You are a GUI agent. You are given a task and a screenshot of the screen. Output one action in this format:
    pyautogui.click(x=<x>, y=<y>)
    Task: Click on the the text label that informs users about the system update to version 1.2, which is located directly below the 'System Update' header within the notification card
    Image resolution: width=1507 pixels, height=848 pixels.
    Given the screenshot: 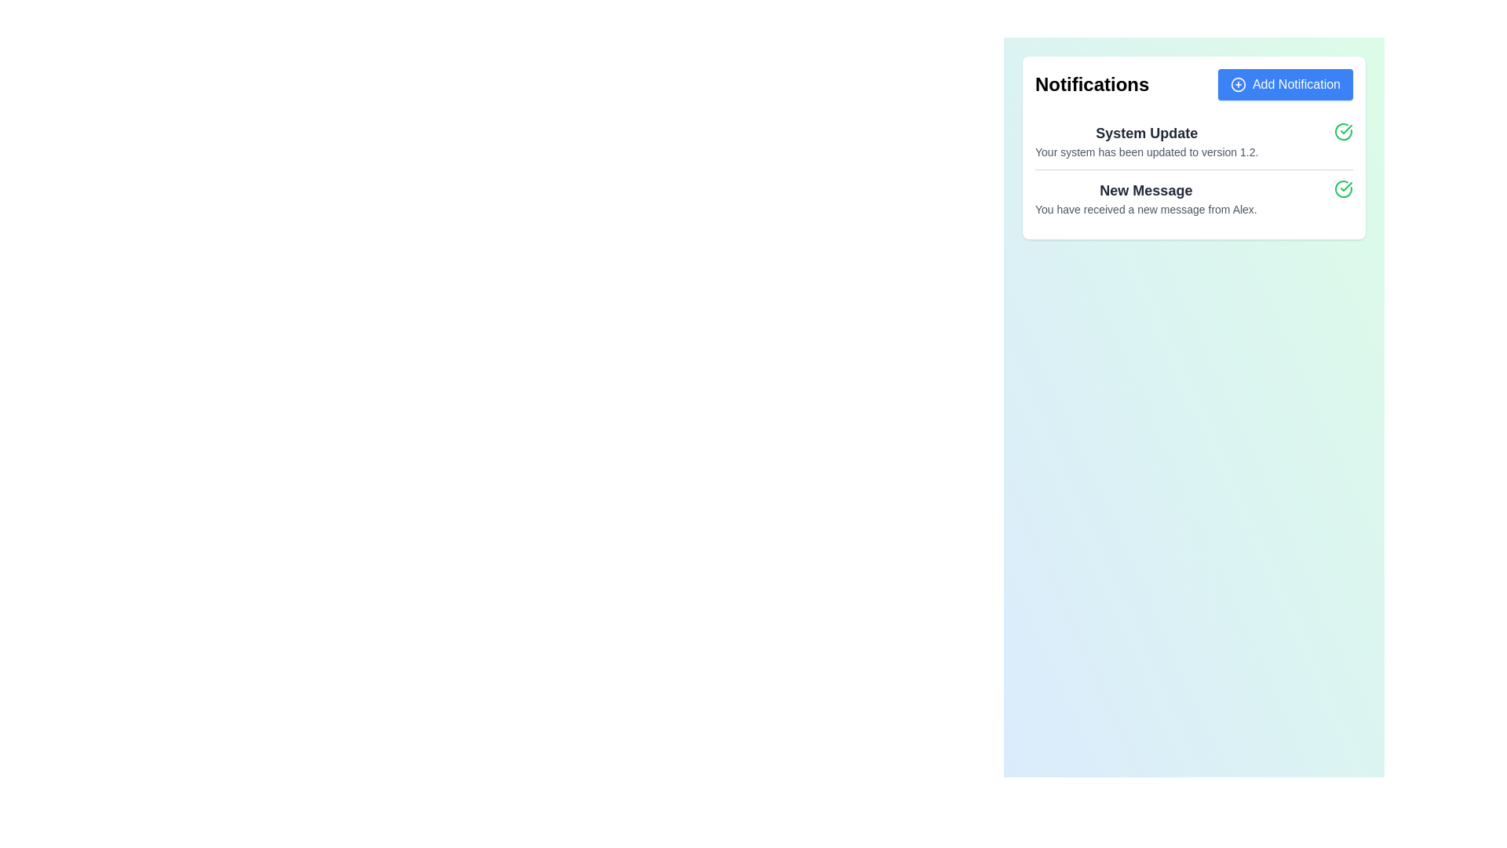 What is the action you would take?
    pyautogui.click(x=1147, y=152)
    